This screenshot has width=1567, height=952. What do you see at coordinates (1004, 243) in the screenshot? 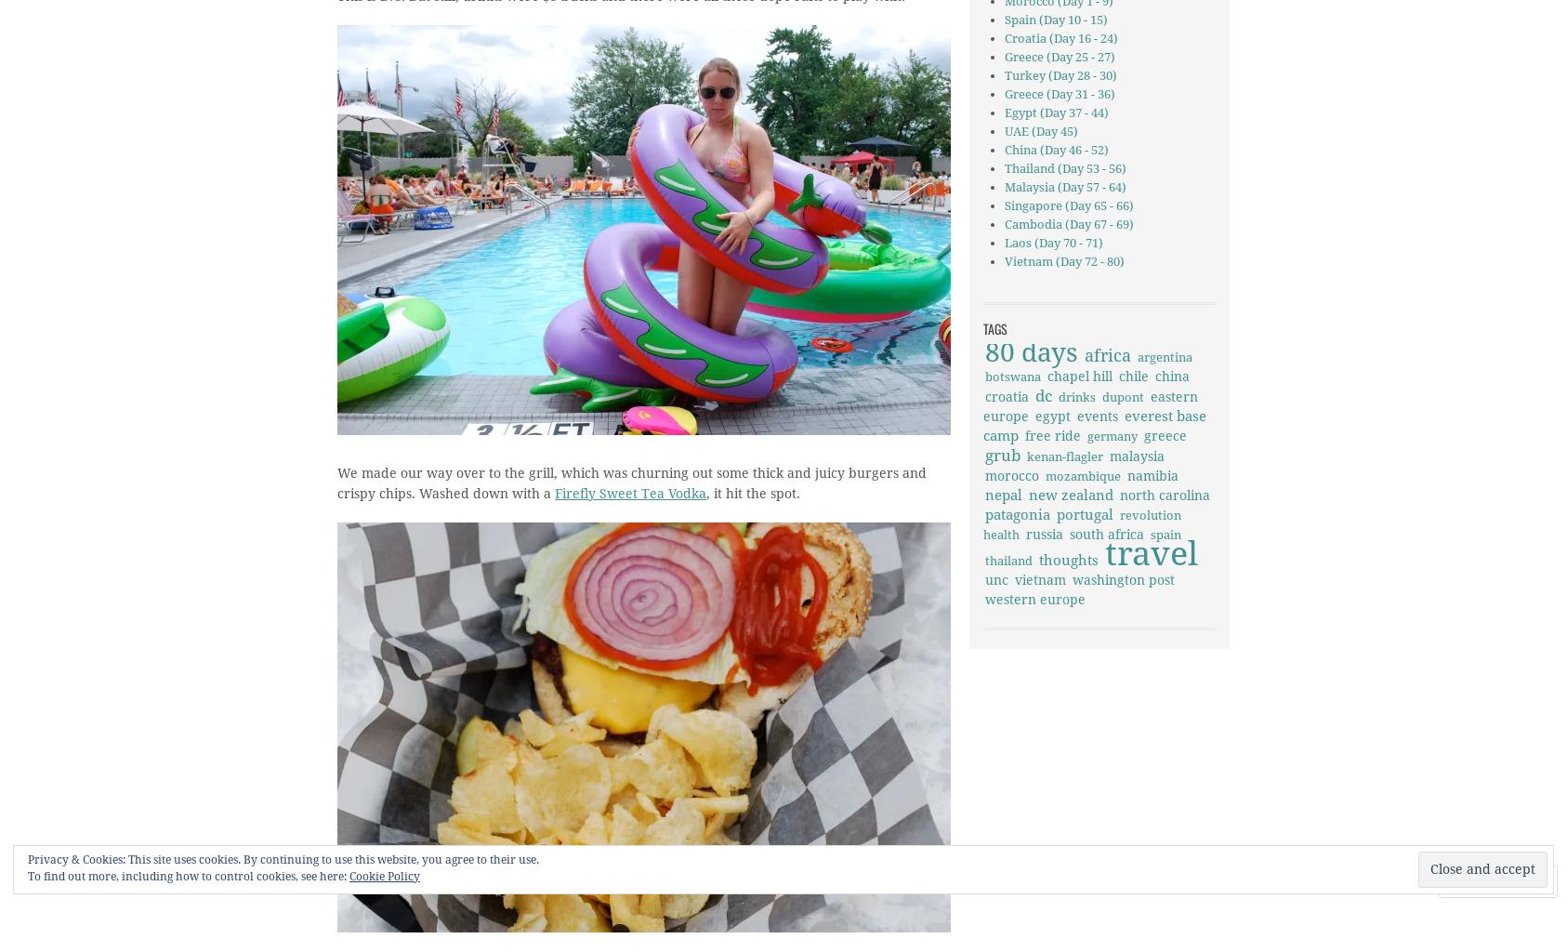
I see `'Laos (Day 70 - 71)'` at bounding box center [1004, 243].